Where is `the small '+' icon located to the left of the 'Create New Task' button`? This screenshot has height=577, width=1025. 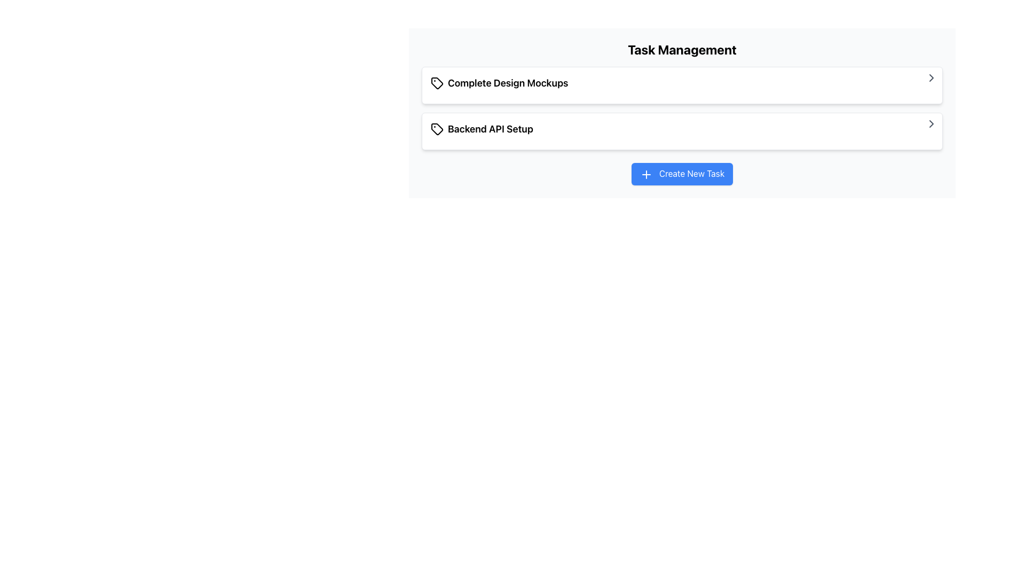
the small '+' icon located to the left of the 'Create New Task' button is located at coordinates (645, 174).